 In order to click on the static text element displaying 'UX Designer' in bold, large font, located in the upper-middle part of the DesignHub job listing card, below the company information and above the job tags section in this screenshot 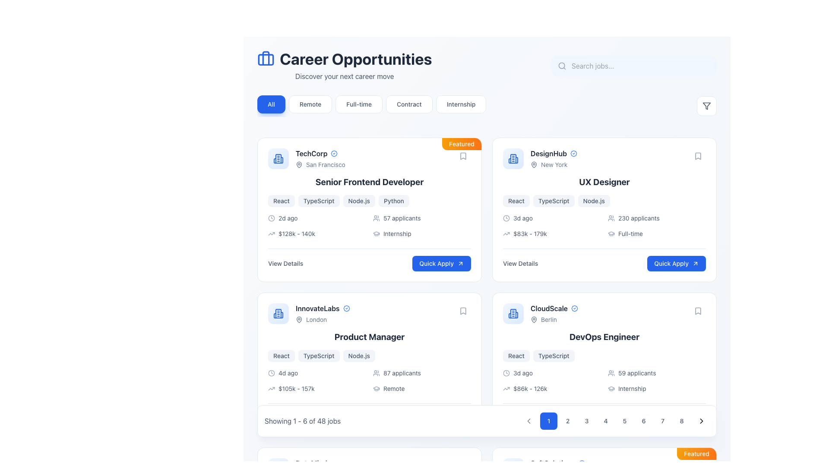, I will do `click(604, 181)`.